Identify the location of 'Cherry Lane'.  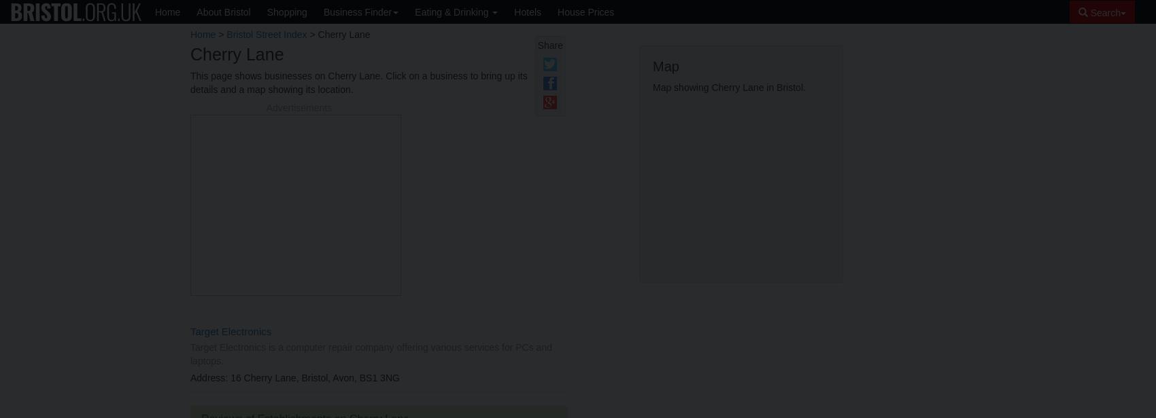
(236, 54).